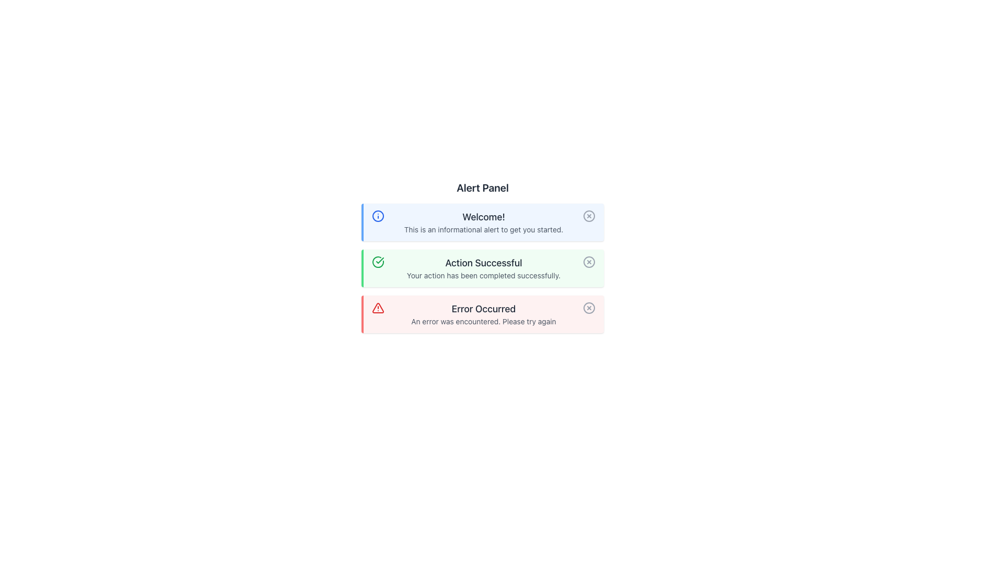 The image size is (1003, 564). I want to click on descriptive text from the error alert box, which is the third message in the vertical stack of alerts, so click(482, 313).